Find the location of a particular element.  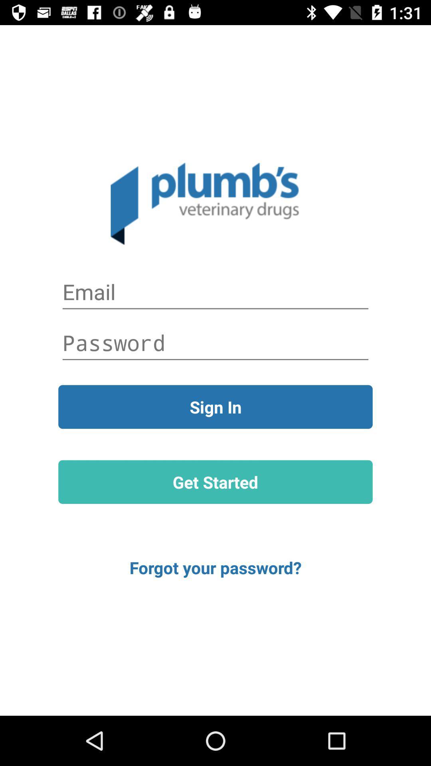

the forgot your password? is located at coordinates (215, 567).